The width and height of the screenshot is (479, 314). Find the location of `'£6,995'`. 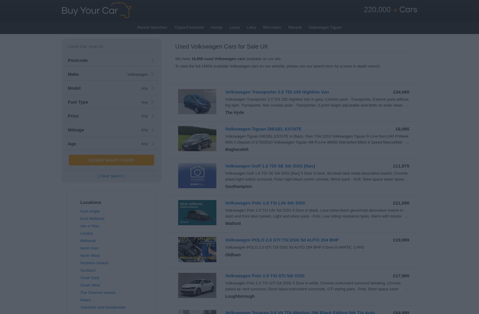

'£6,995' is located at coordinates (402, 129).